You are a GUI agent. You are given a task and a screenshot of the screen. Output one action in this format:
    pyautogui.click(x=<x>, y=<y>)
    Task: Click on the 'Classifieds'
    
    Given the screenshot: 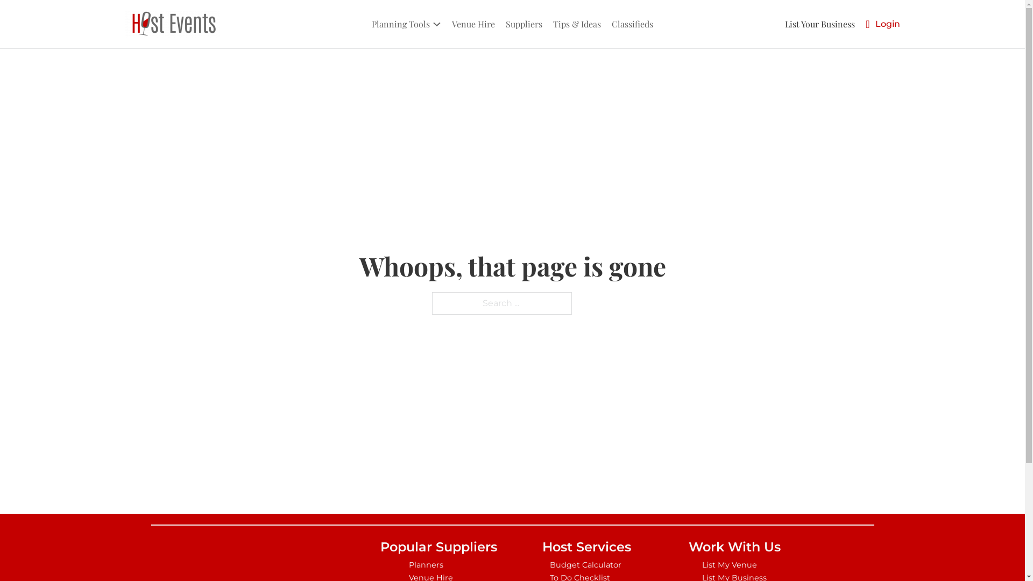 What is the action you would take?
    pyautogui.click(x=632, y=24)
    